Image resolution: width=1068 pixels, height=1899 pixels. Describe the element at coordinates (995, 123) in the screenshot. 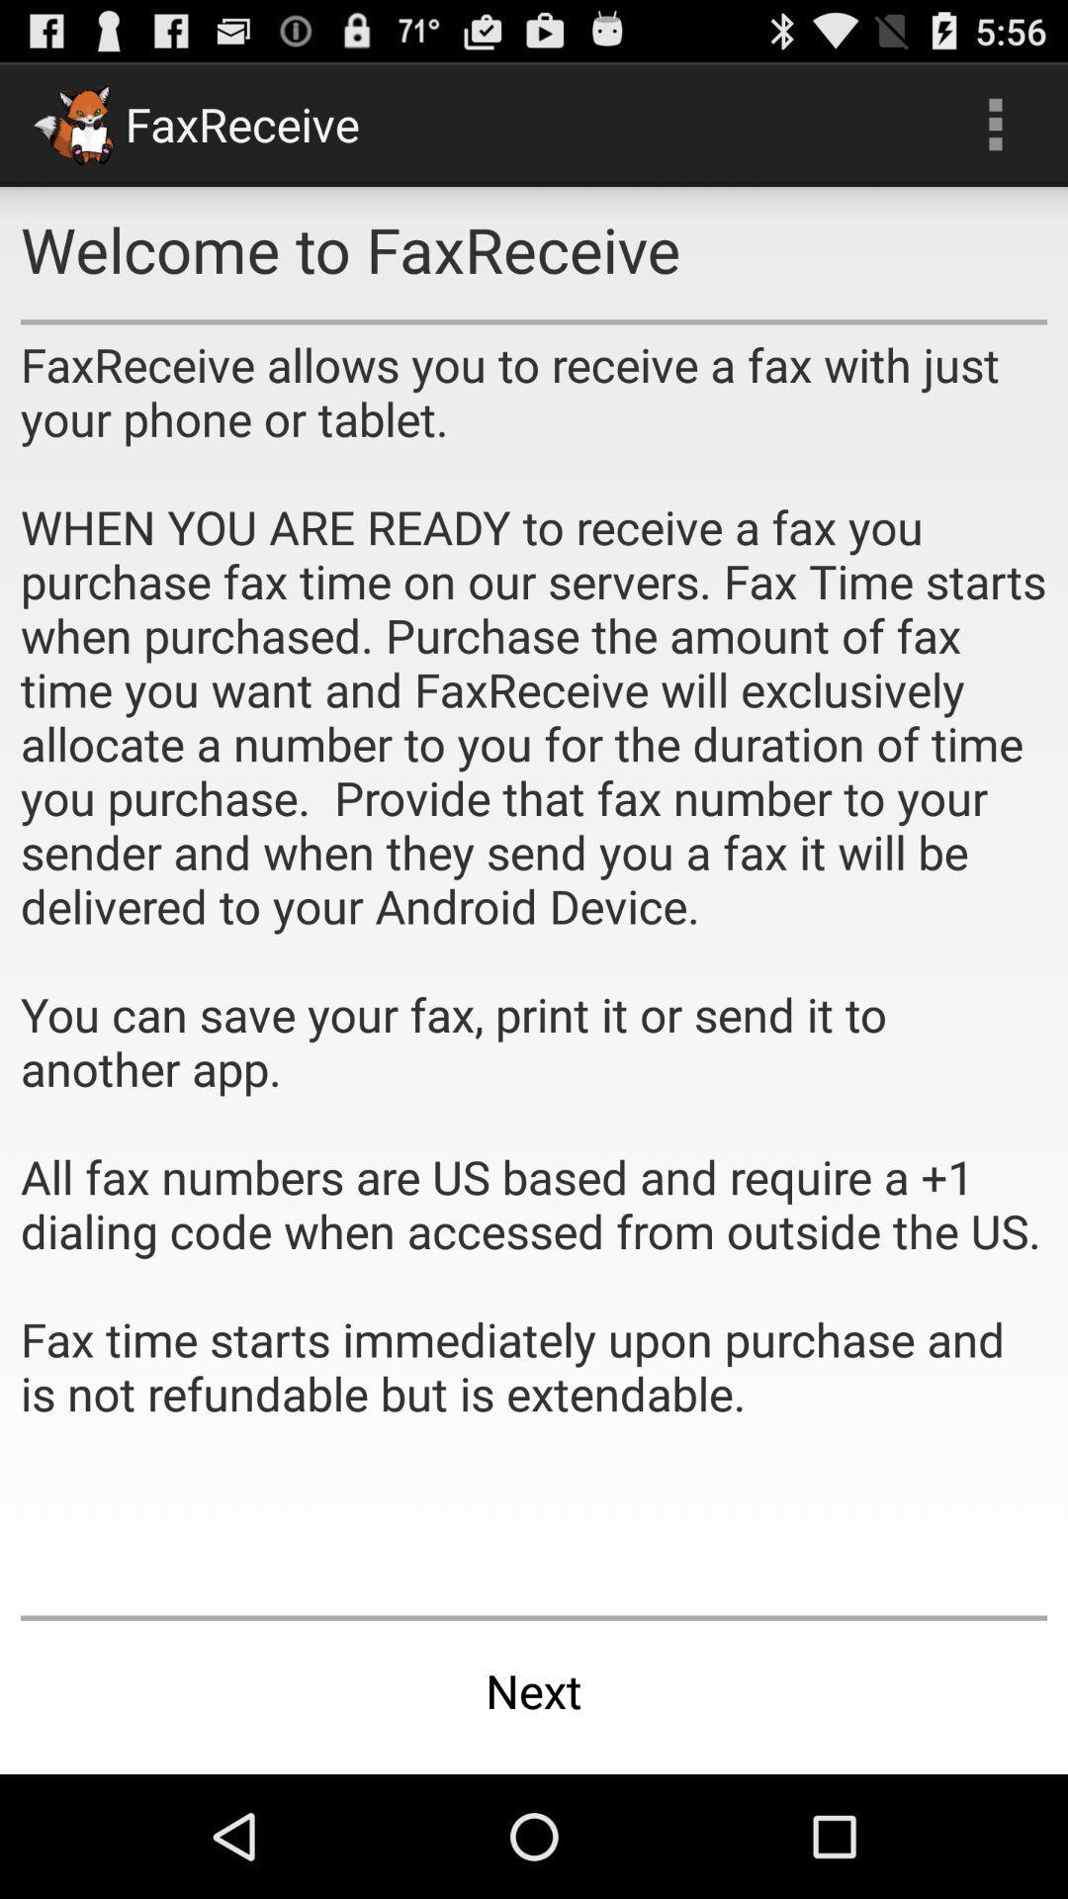

I see `the item at the top right corner` at that location.